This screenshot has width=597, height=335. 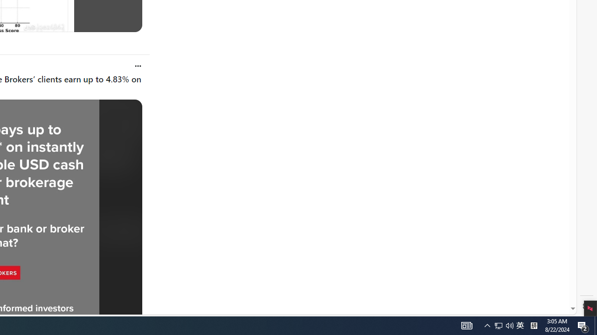 What do you see at coordinates (137, 65) in the screenshot?
I see `'Open user actions'` at bounding box center [137, 65].